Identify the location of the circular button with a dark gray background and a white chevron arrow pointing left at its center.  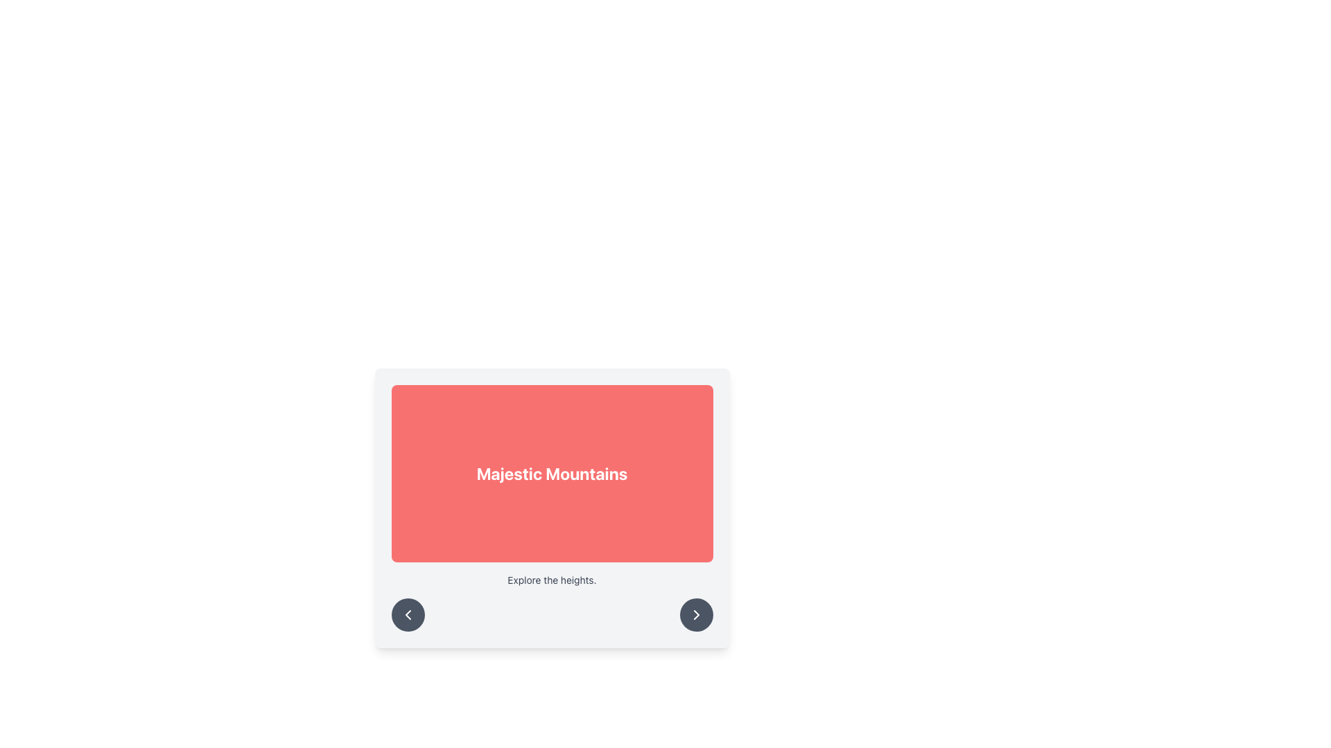
(407, 614).